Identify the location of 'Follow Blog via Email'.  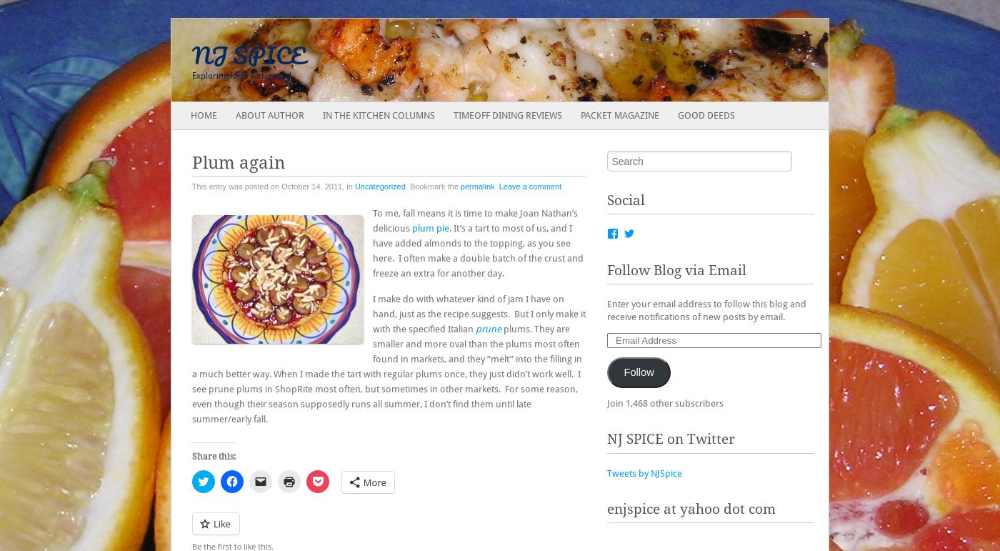
(676, 269).